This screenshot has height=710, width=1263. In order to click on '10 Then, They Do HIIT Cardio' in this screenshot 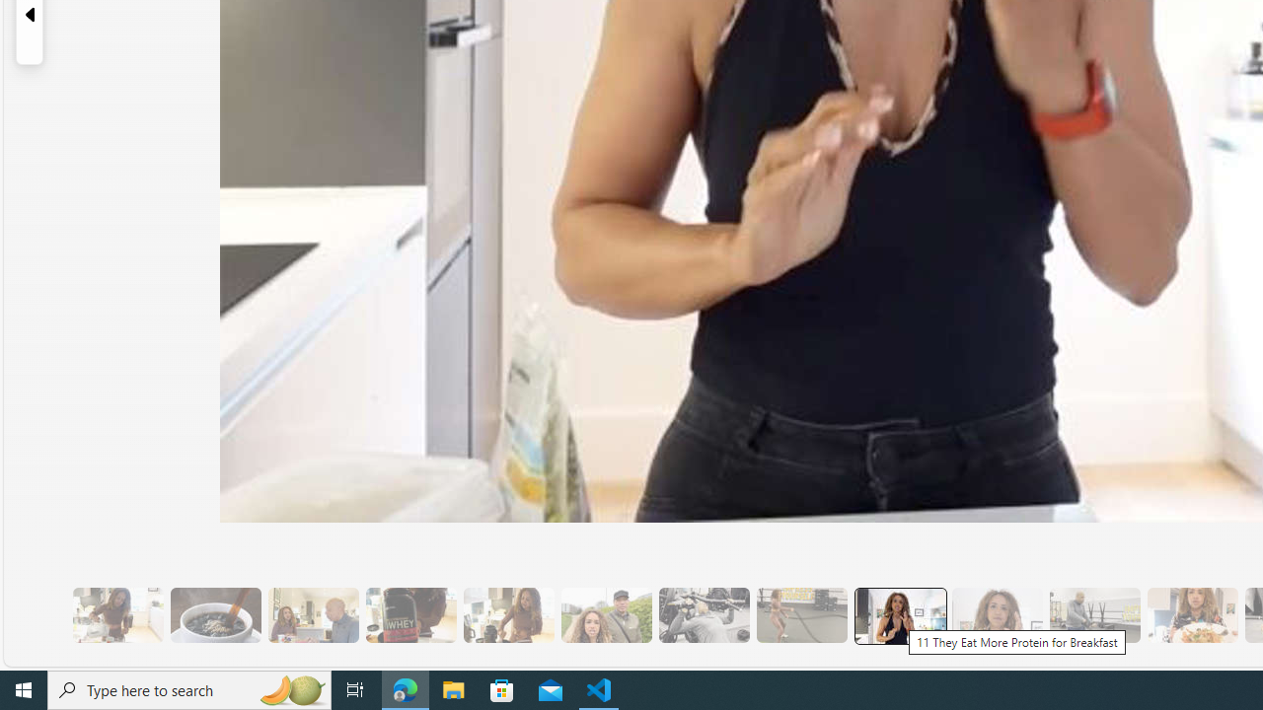, I will do `click(801, 614)`.